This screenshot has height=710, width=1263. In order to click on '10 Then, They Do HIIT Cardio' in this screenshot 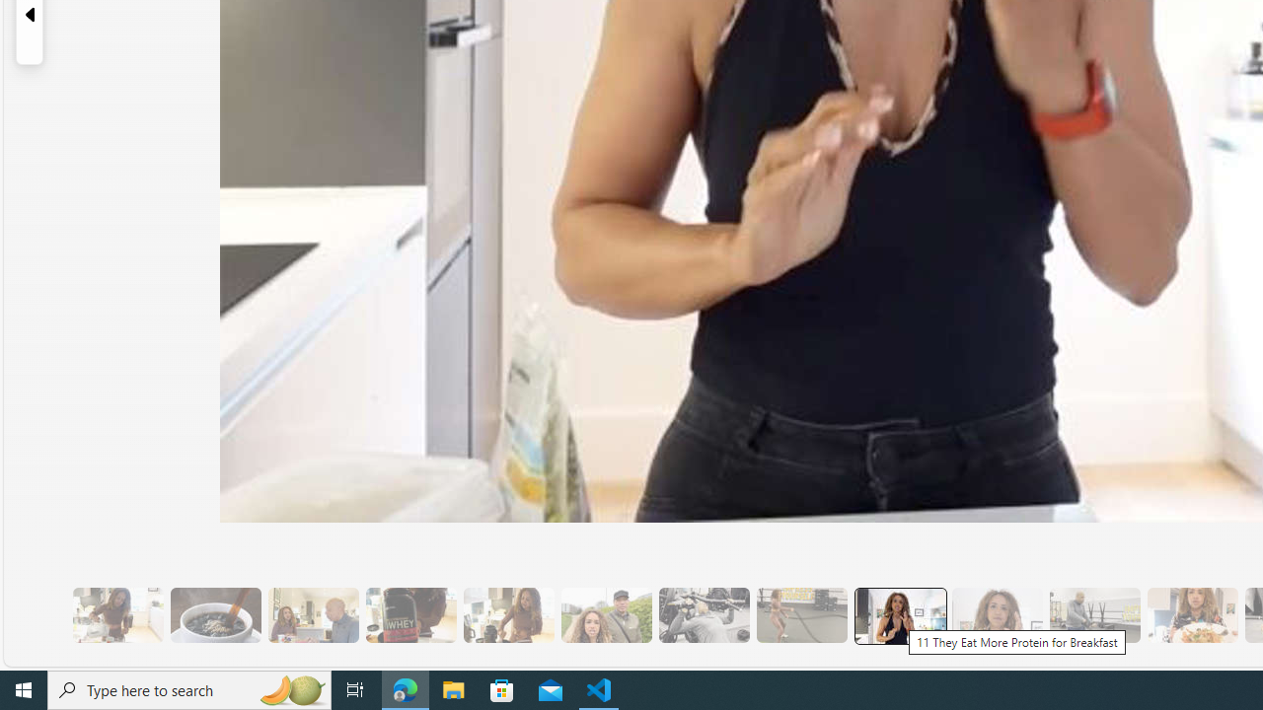, I will do `click(801, 614)`.